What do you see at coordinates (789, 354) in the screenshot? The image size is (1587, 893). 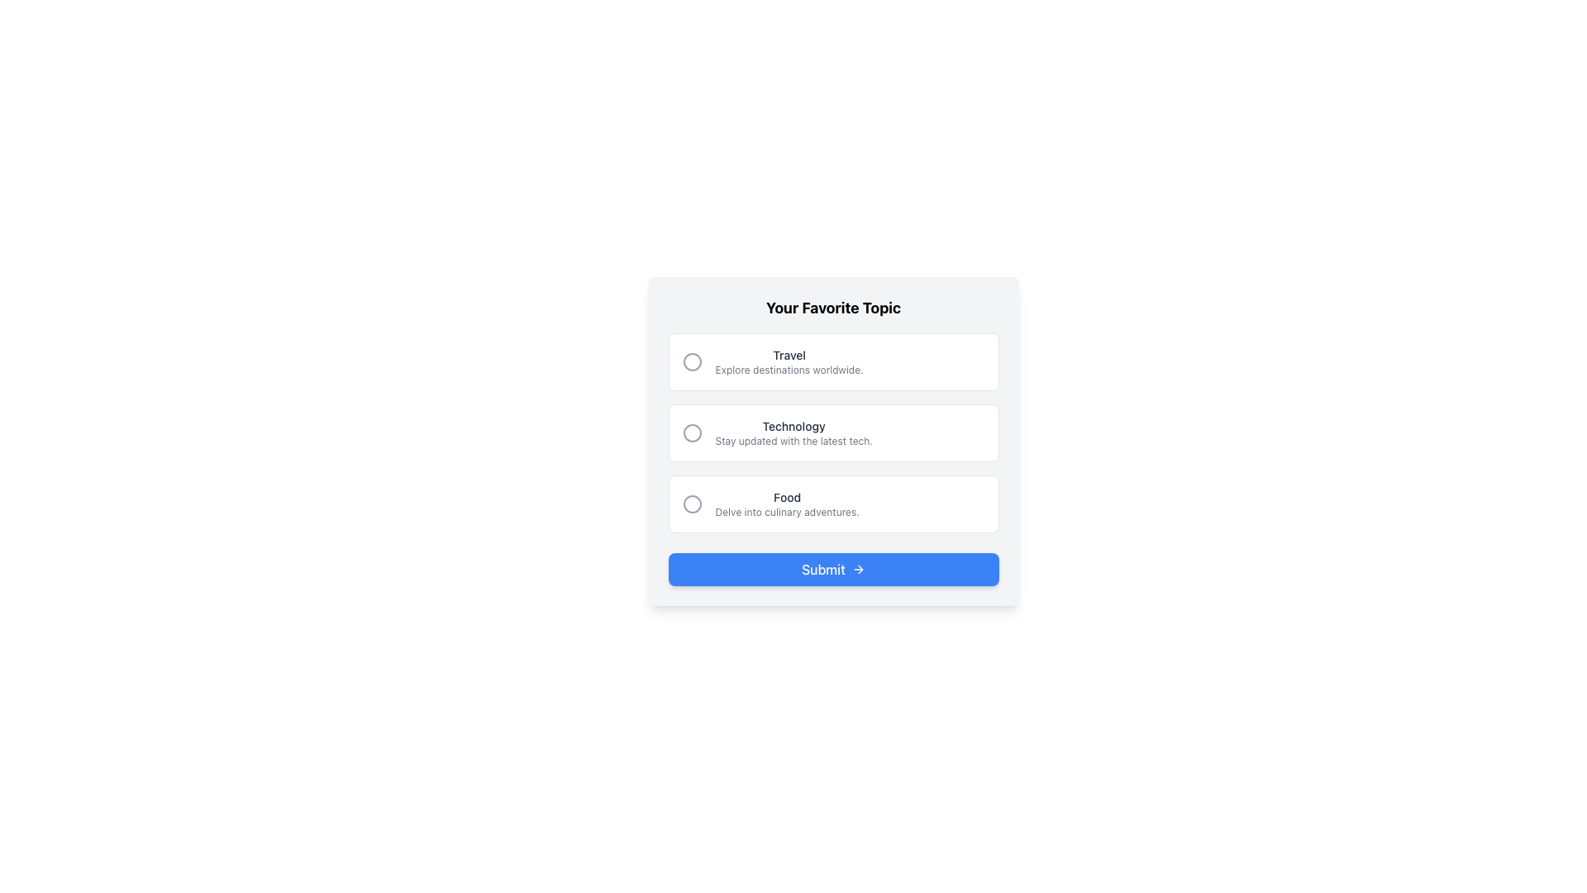 I see `the text label that displays 'Travel', which is a medium weight, dark gray colored text aligned to the right of a radio button and positioned above a smaller descriptive text` at bounding box center [789, 354].